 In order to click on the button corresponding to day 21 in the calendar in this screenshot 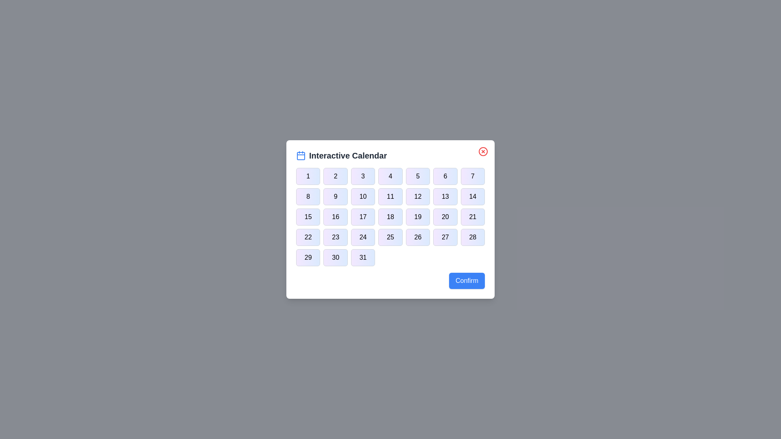, I will do `click(473, 216)`.